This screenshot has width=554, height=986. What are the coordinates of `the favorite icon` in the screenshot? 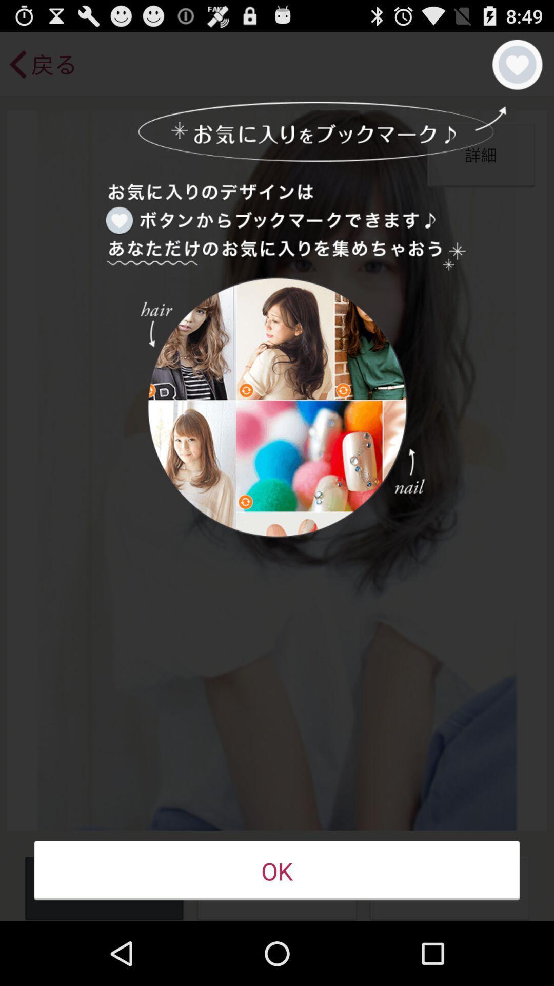 It's located at (517, 68).